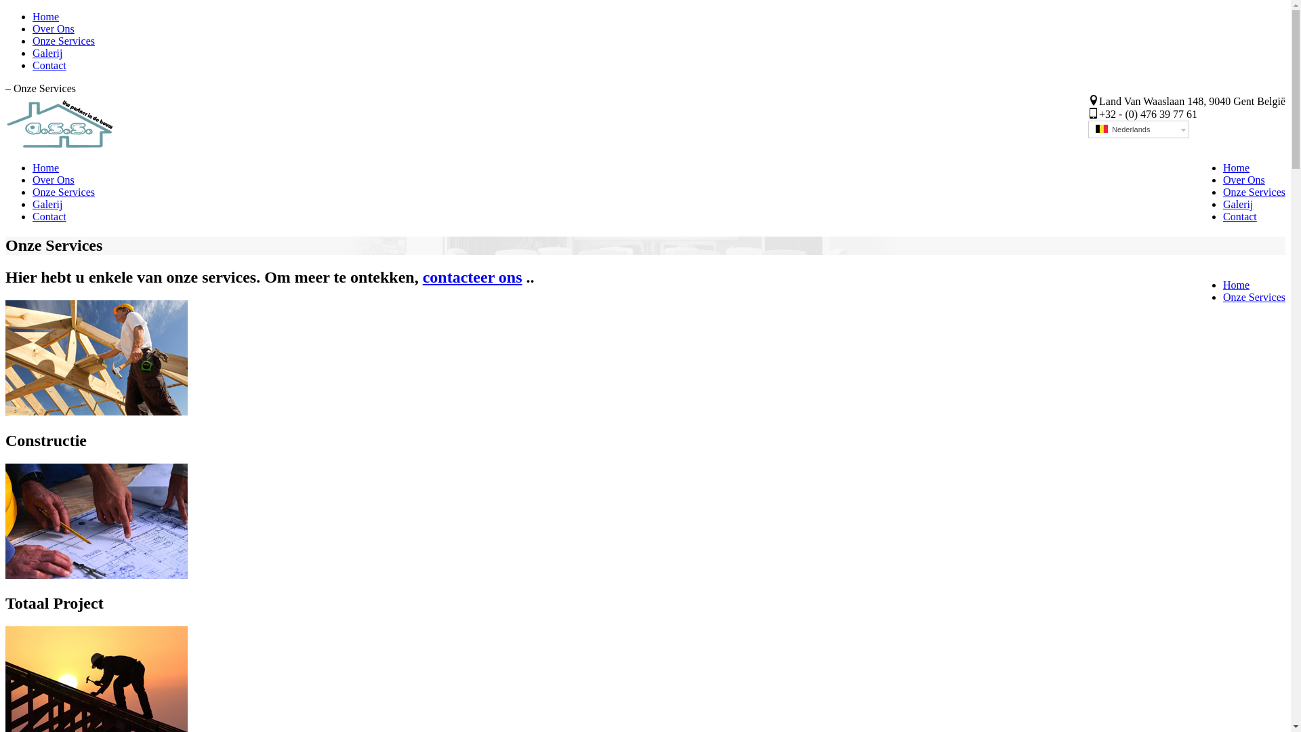  Describe the element at coordinates (1254, 192) in the screenshot. I see `'Onze Services'` at that location.